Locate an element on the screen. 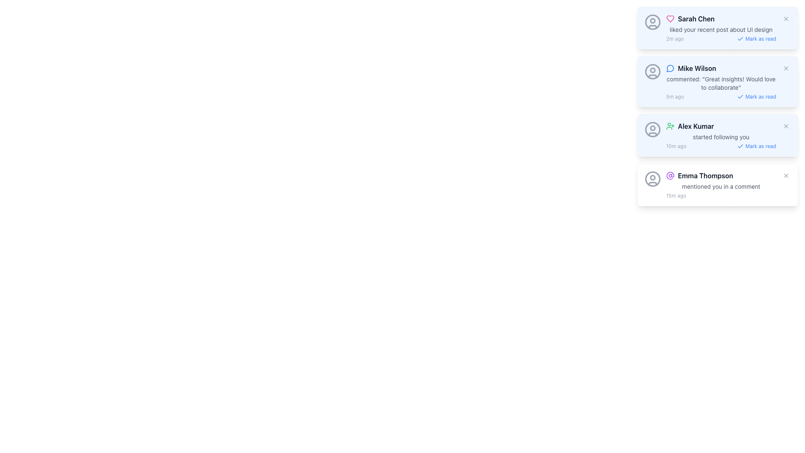 The width and height of the screenshot is (805, 453). the 'X' icon button in the top-right corner of the notification card labeled with 'Mike Wilson' is located at coordinates (786, 68).